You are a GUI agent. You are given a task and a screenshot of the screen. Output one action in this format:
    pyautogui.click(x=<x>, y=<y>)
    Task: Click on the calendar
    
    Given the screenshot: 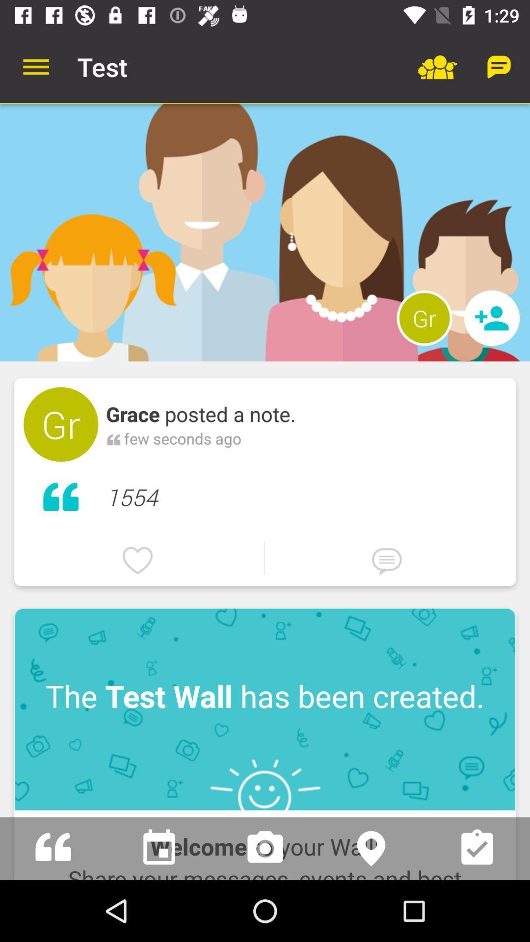 What is the action you would take?
    pyautogui.click(x=159, y=848)
    